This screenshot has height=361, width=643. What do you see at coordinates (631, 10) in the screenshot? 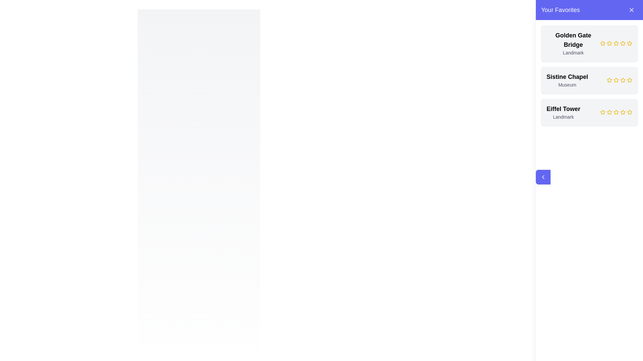
I see `the small rounded purple button with a white 'X' icon located in the top-right corner of the 'Your Favorites' header section` at bounding box center [631, 10].